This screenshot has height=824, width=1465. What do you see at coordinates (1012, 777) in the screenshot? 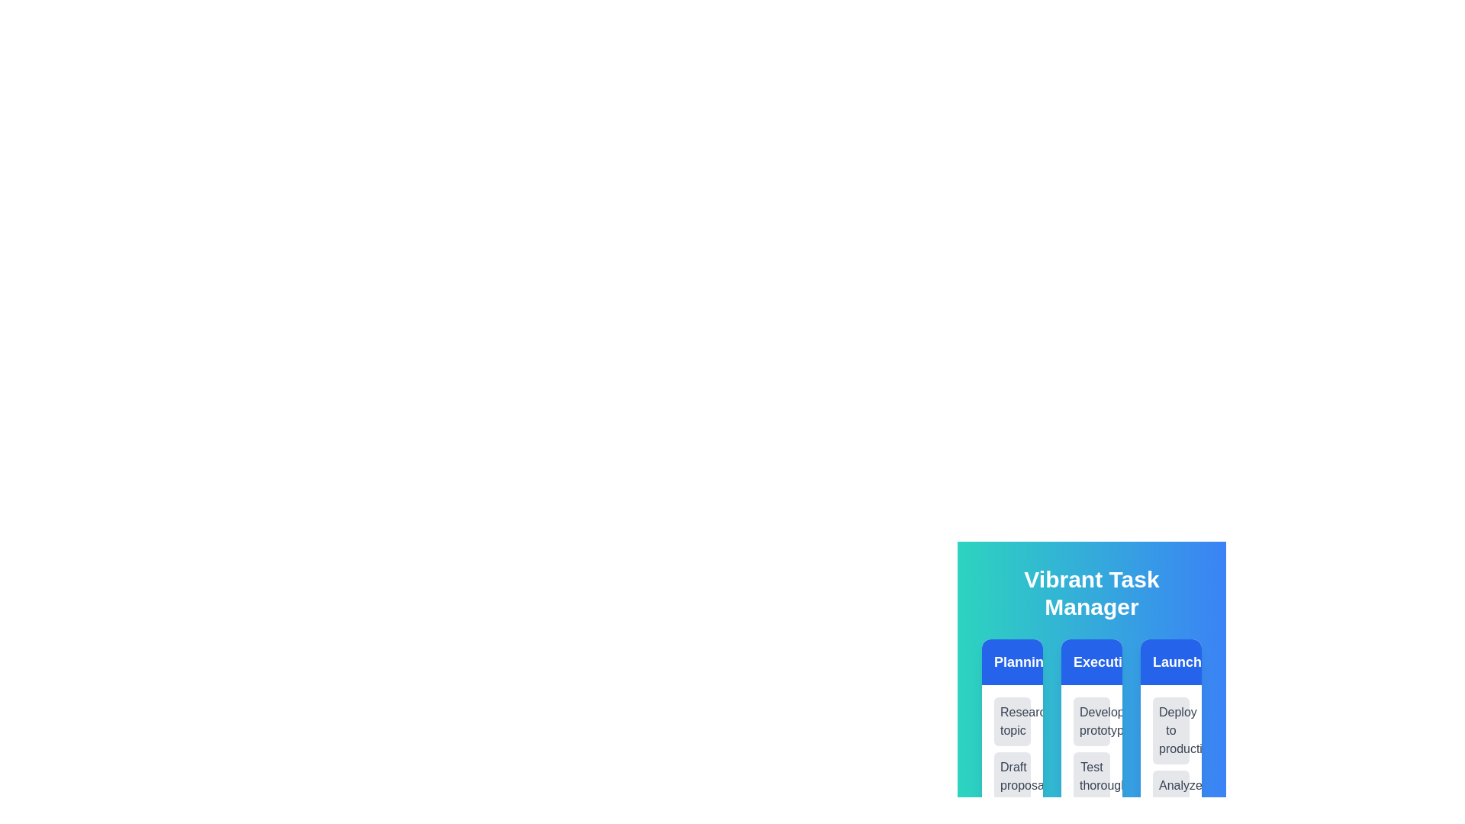
I see `the 'Draft proposal' text label in the 'Vibrant Task Manager' interface, which is styled with a light gray background and darker gray text, positioned under the 'Planning' section` at bounding box center [1012, 777].